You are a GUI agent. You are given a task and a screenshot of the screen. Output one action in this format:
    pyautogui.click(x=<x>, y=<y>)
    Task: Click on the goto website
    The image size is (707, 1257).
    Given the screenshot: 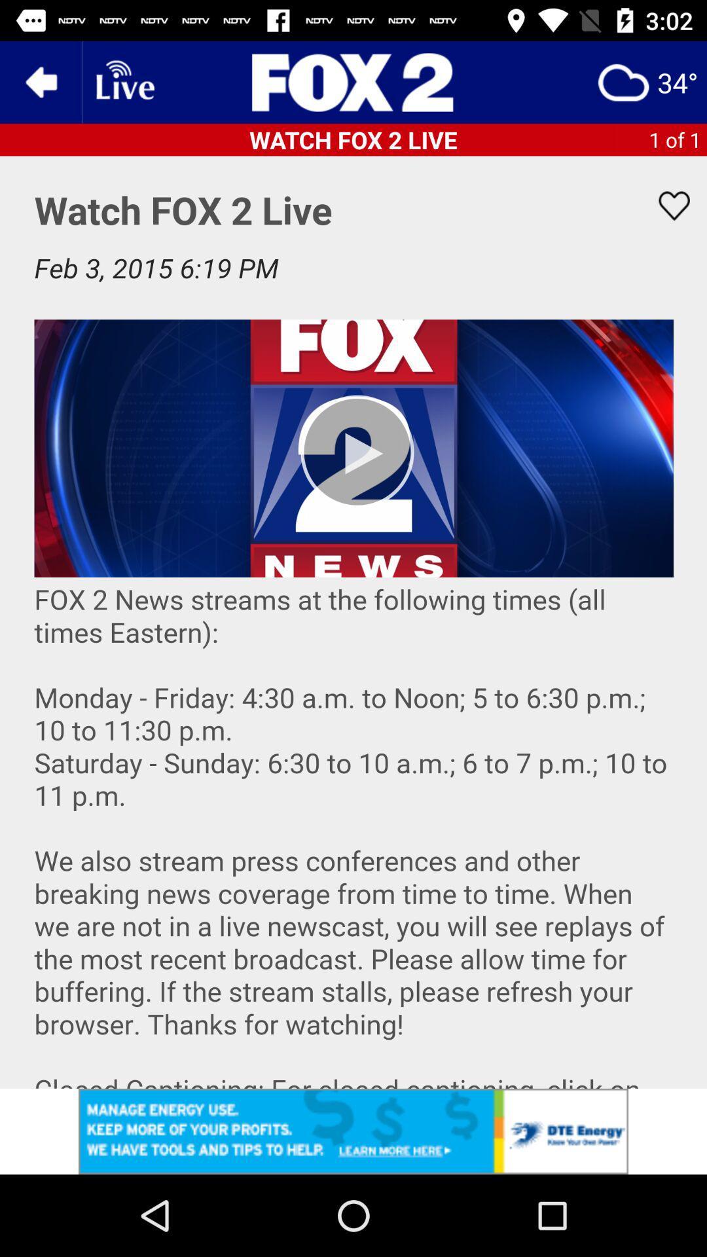 What is the action you would take?
    pyautogui.click(x=353, y=81)
    